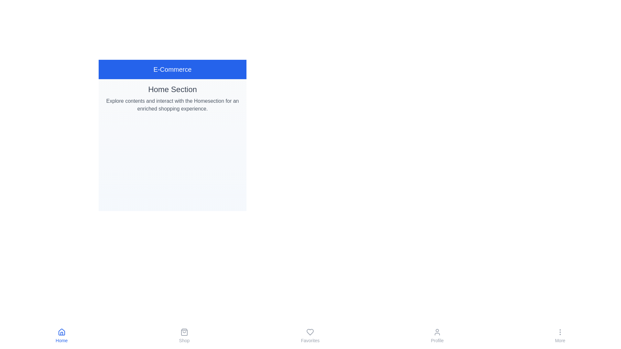 The height and width of the screenshot is (349, 621). What do you see at coordinates (184, 336) in the screenshot?
I see `the Shop button in the bottom navigation bar to navigate to the corresponding tab` at bounding box center [184, 336].